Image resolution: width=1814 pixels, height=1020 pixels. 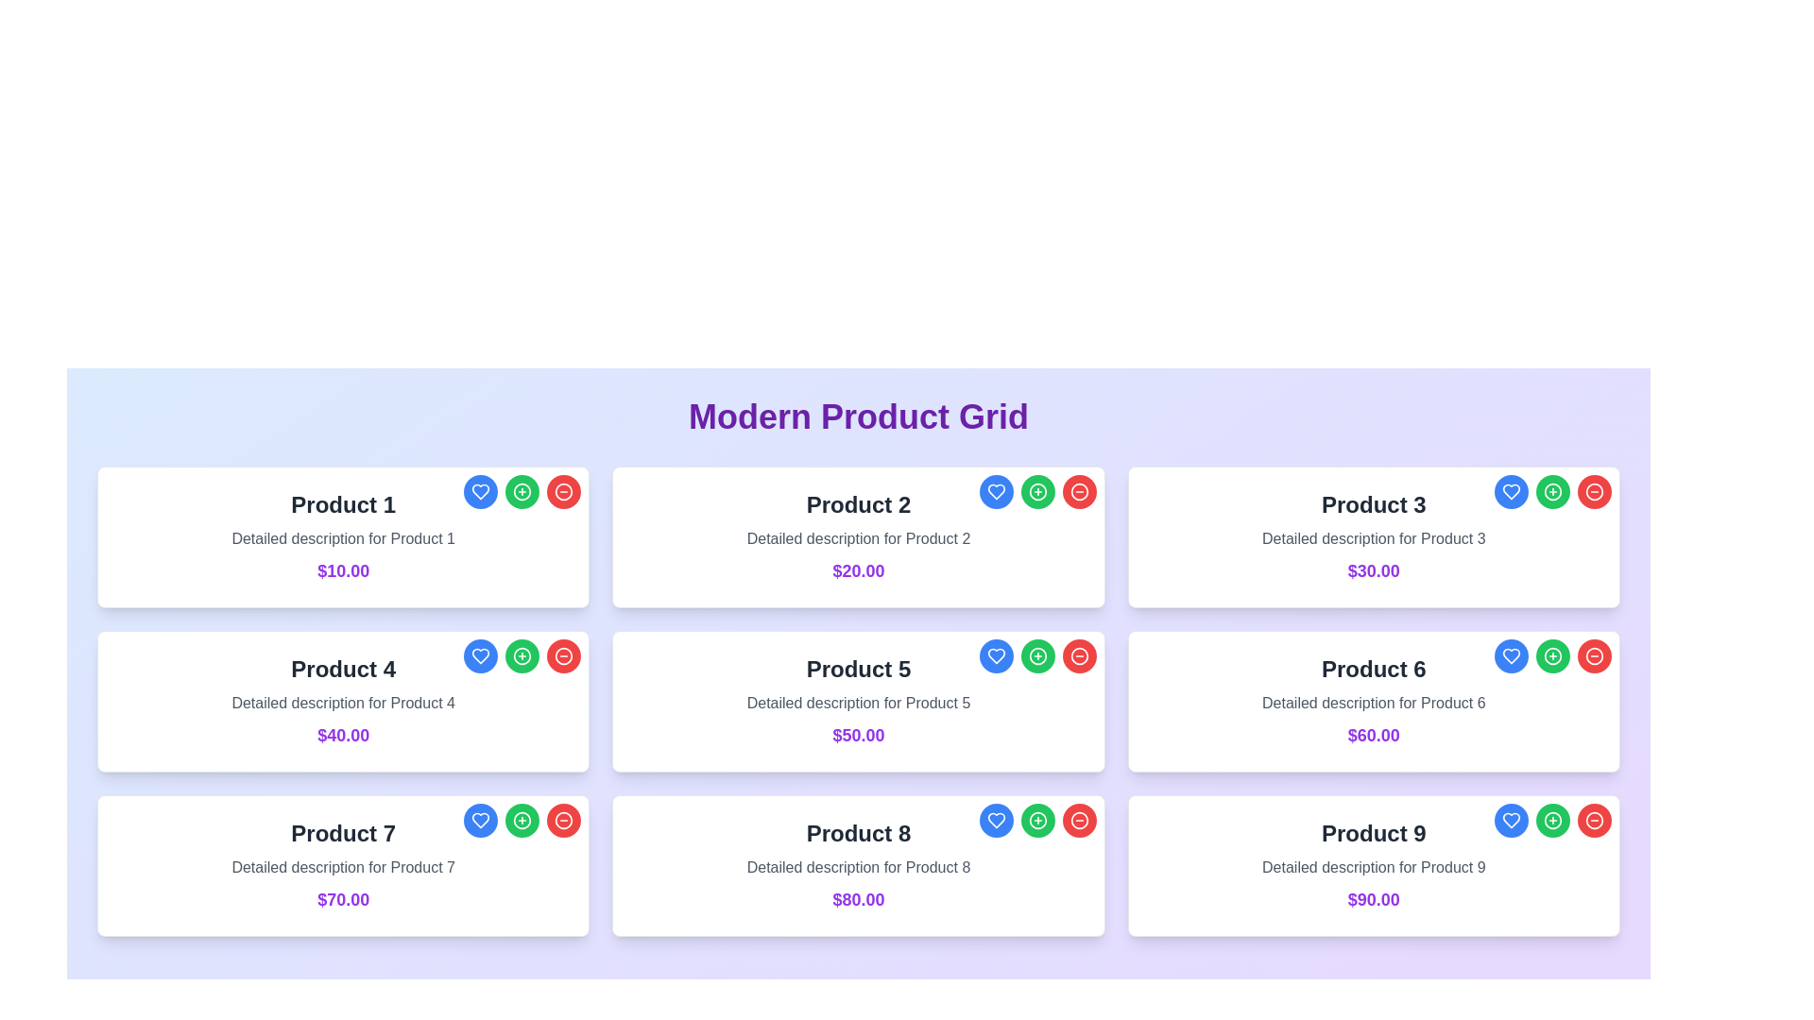 I want to click on the button with a plus sign located in the top-right corner of the card for 'Product 3', so click(x=1552, y=490).